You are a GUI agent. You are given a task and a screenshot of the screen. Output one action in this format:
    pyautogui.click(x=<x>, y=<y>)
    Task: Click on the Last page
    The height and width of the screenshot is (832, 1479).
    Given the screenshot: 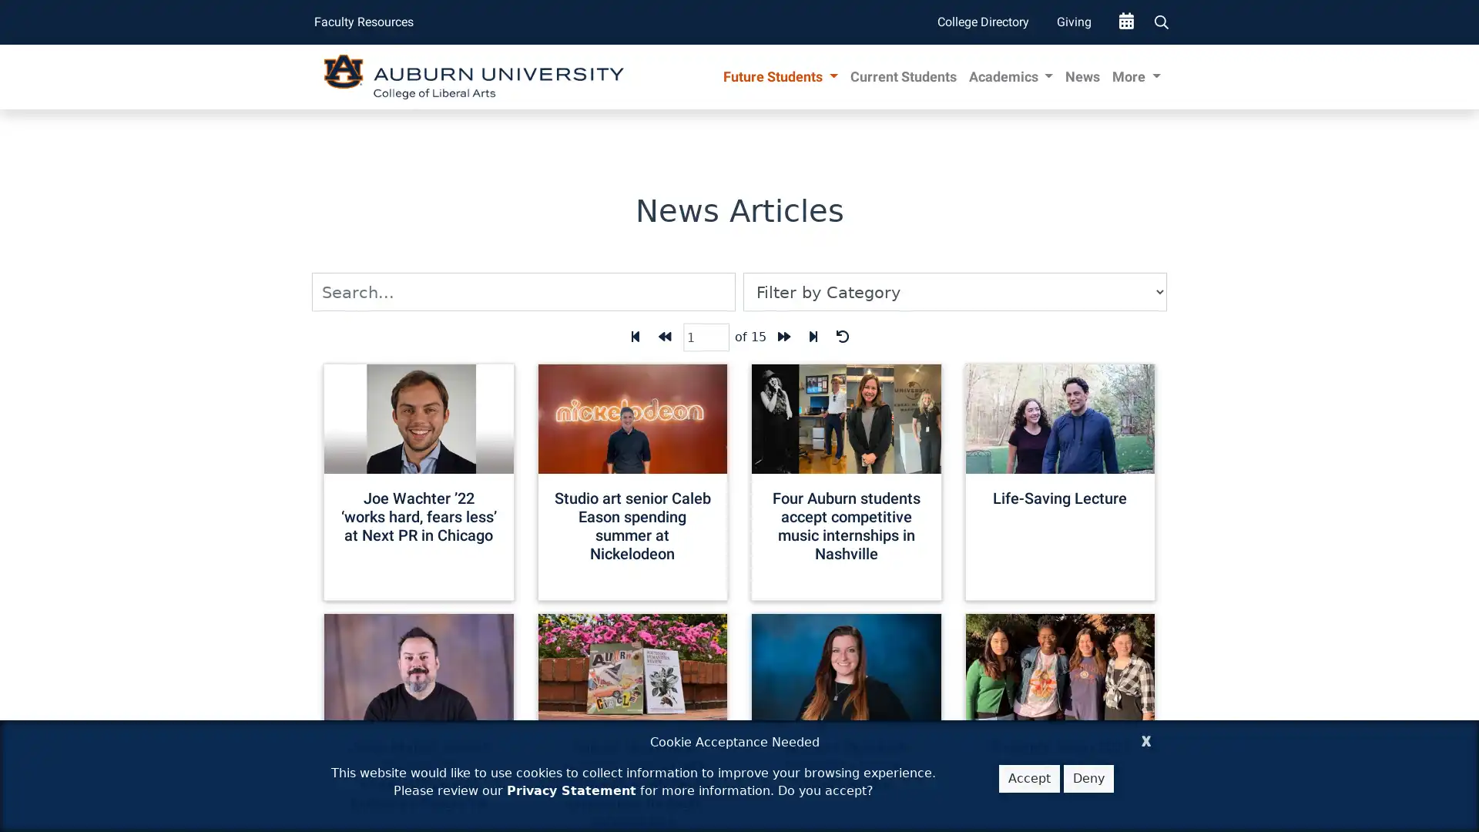 What is the action you would take?
    pyautogui.click(x=813, y=337)
    